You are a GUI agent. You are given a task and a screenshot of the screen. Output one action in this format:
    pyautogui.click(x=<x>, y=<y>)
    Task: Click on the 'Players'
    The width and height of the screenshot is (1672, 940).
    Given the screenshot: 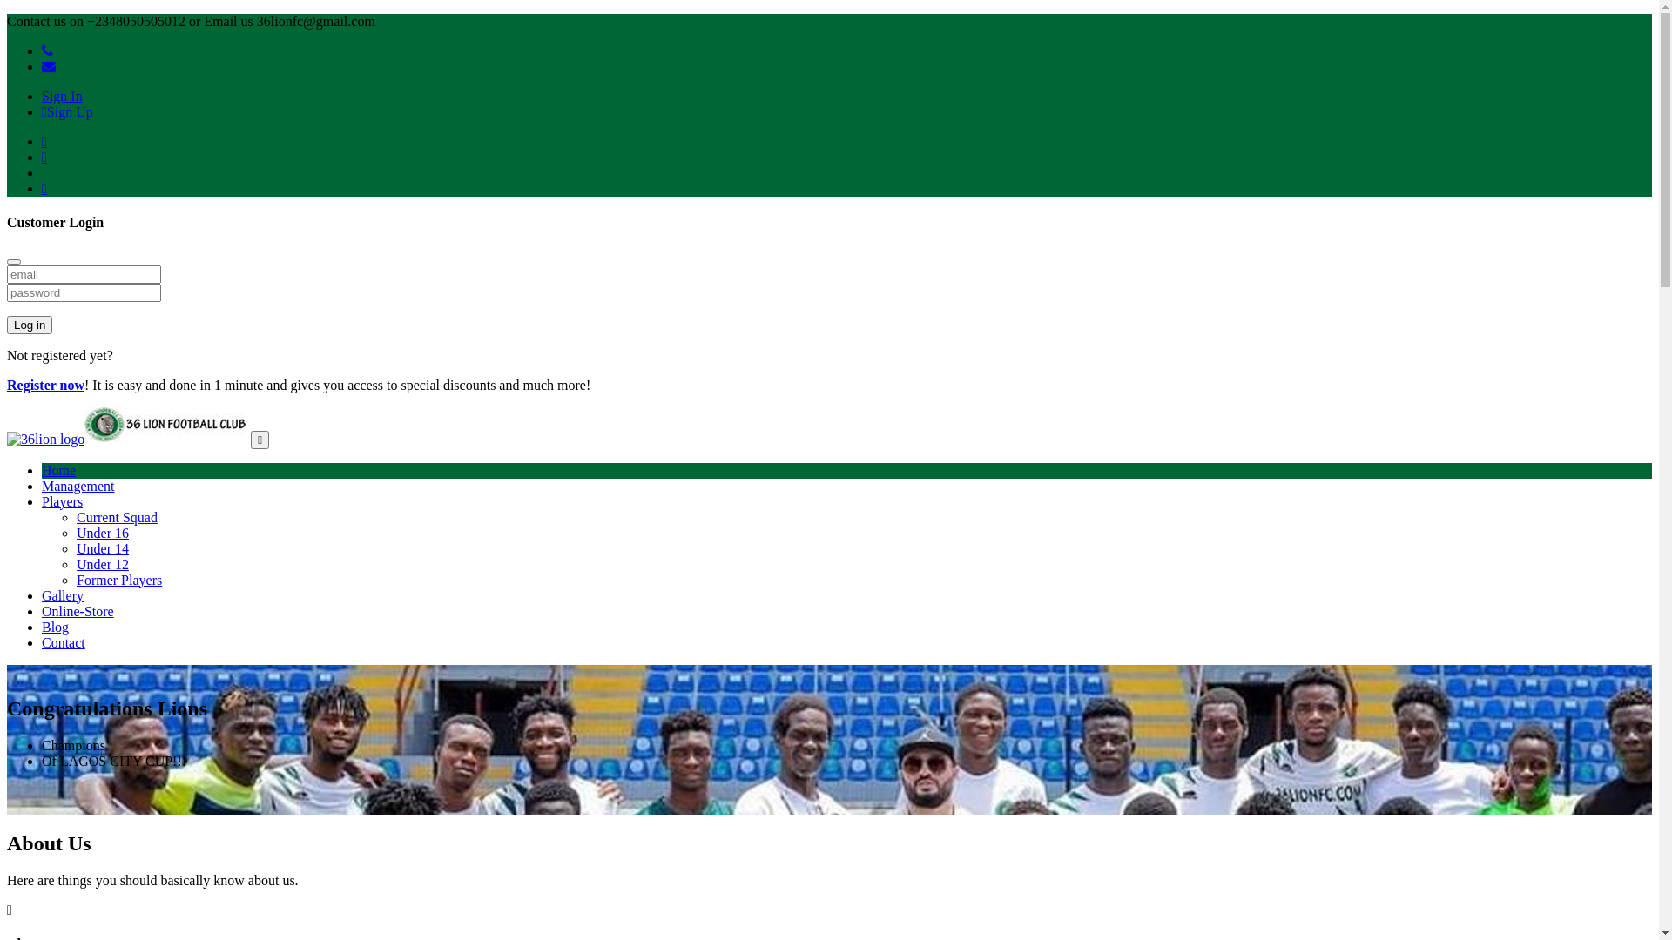 What is the action you would take?
    pyautogui.click(x=62, y=501)
    